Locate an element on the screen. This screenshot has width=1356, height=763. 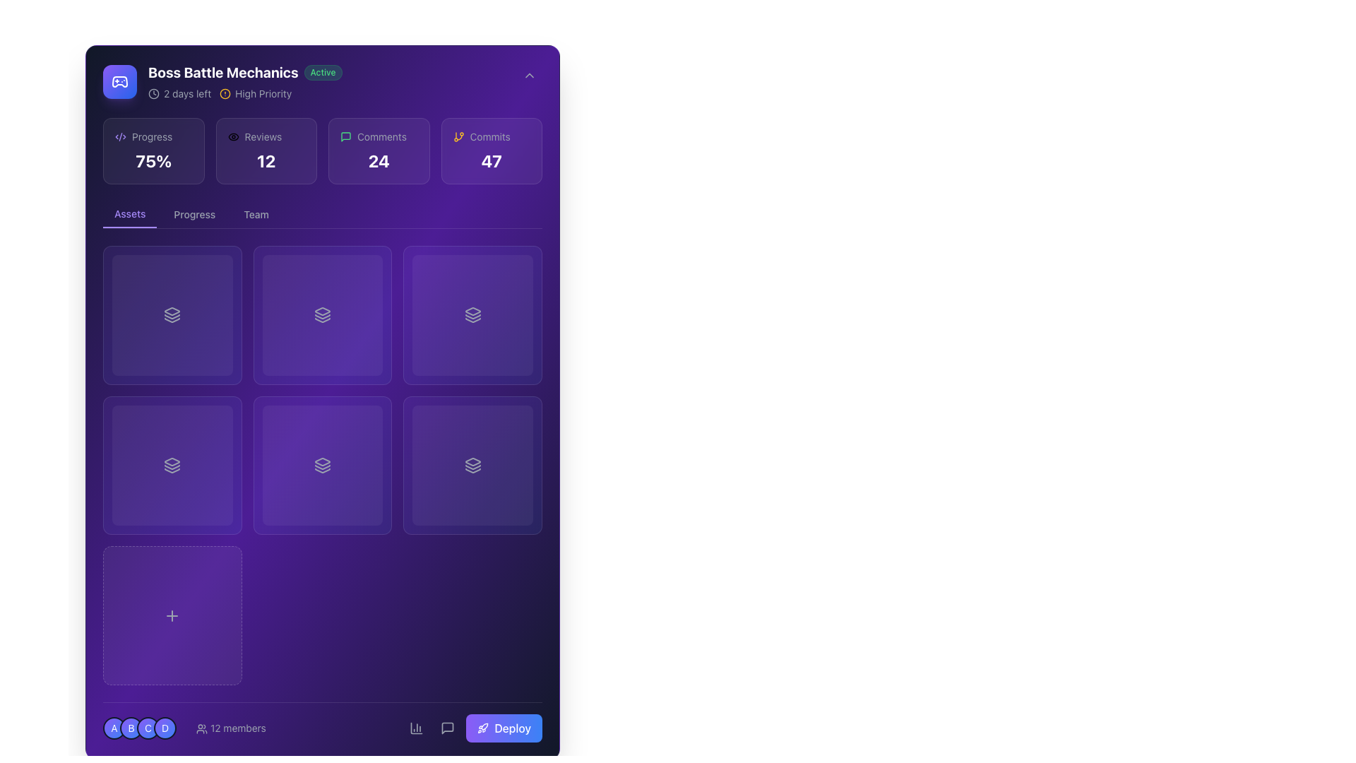
the 'Progress' button in the navigation bar is located at coordinates (194, 215).